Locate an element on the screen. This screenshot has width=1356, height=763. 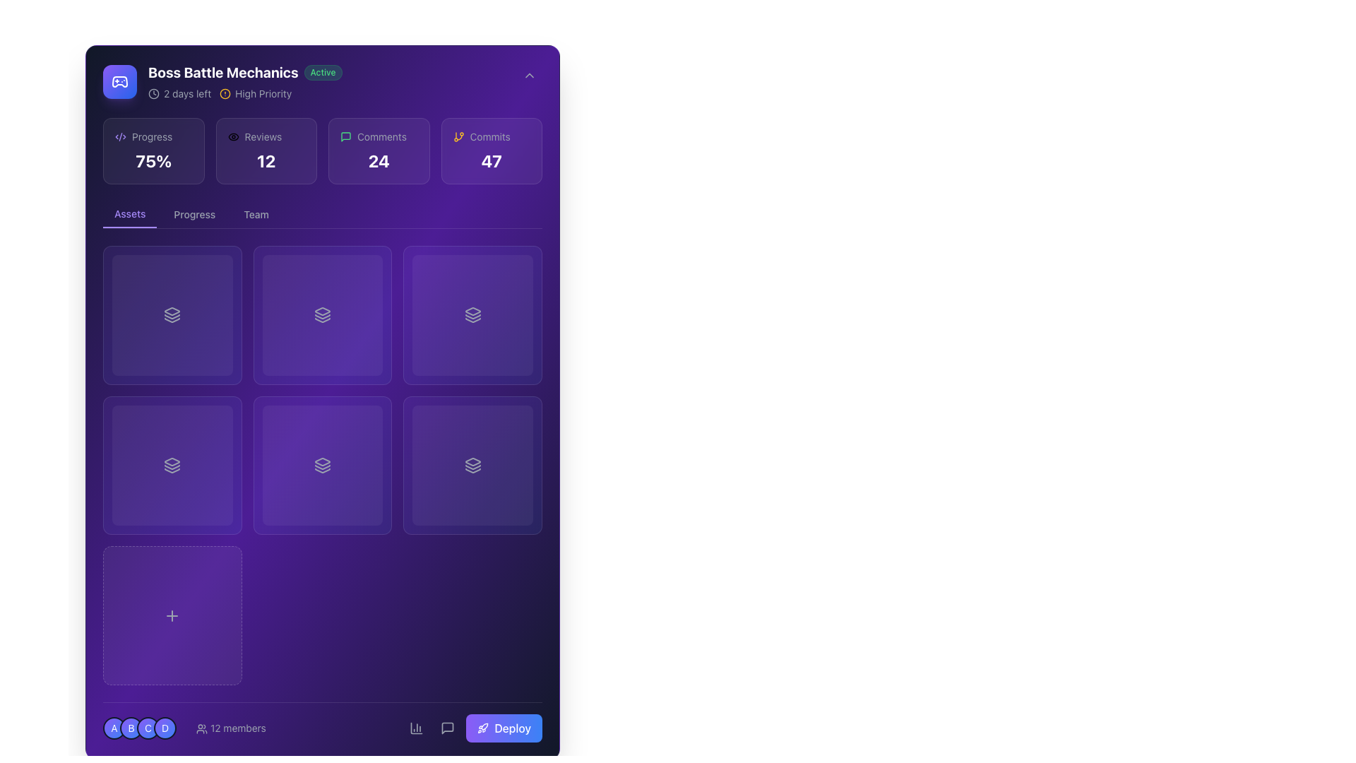
the 'Progress' button in the navigation bar is located at coordinates (194, 215).